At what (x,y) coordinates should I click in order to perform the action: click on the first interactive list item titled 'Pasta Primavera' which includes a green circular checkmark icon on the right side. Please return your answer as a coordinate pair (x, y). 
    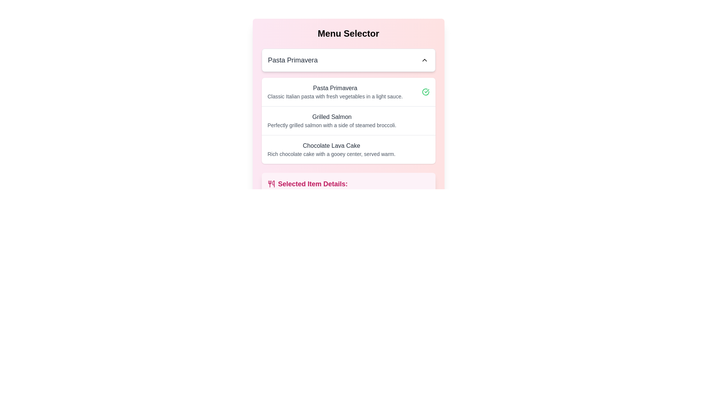
    Looking at the image, I should click on (348, 92).